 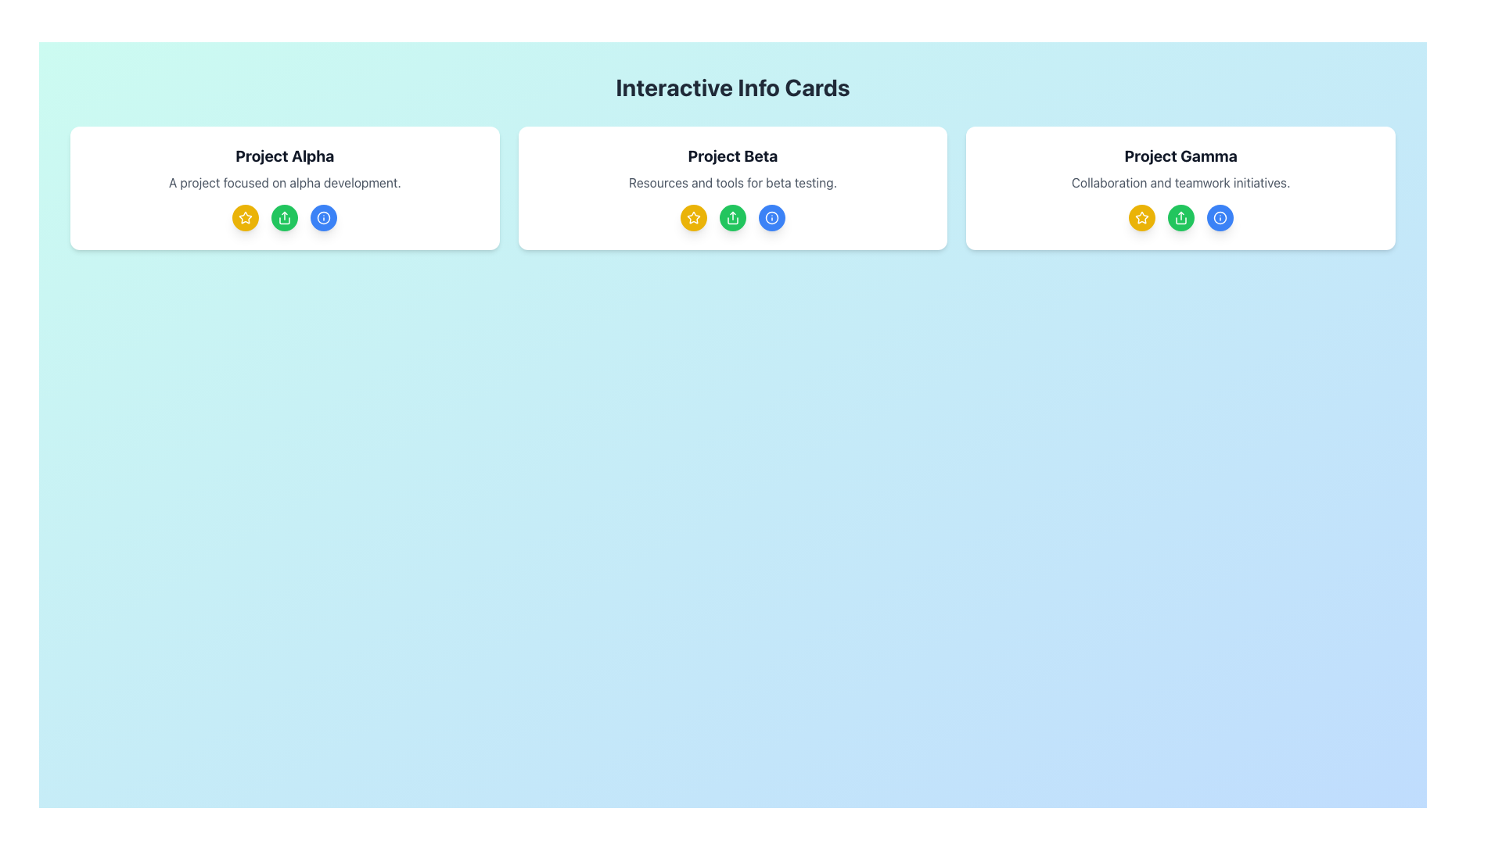 What do you see at coordinates (731, 217) in the screenshot?
I see `the circular green button with a white up arrow icon located within the 'Project Beta' card` at bounding box center [731, 217].